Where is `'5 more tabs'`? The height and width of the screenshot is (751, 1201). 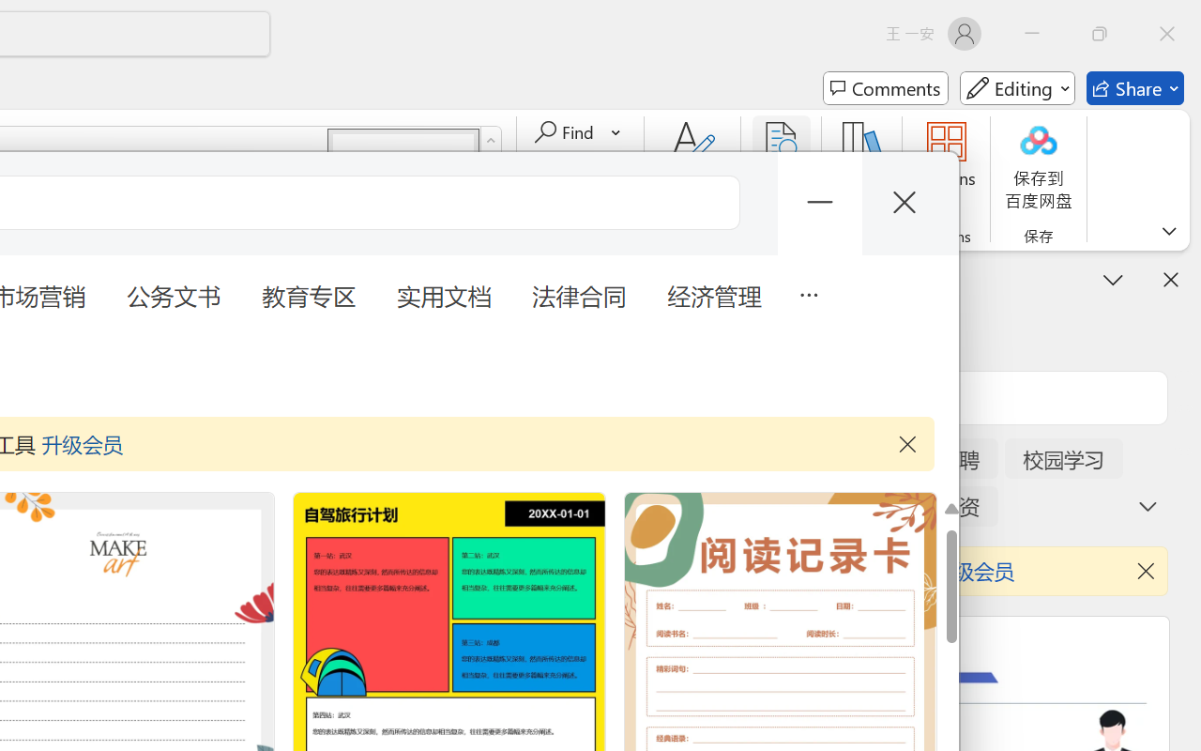
'5 more tabs' is located at coordinates (808, 292).